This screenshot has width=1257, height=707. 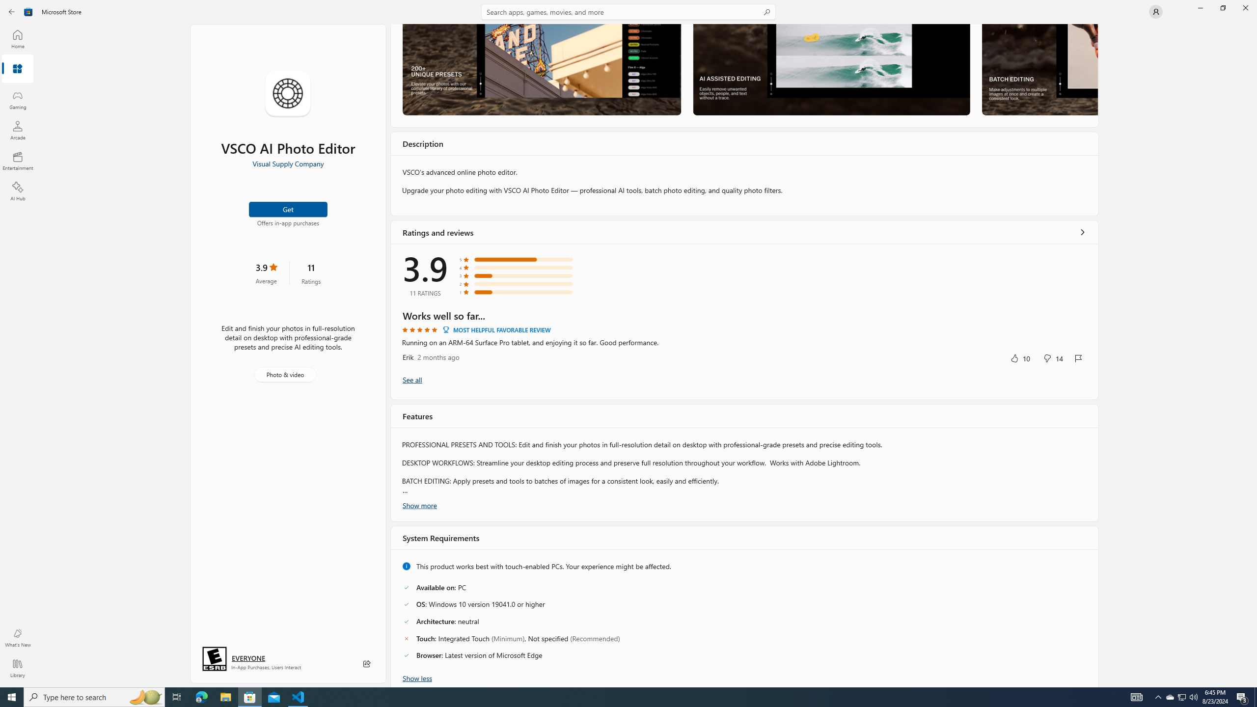 I want to click on 'Get', so click(x=288, y=209).